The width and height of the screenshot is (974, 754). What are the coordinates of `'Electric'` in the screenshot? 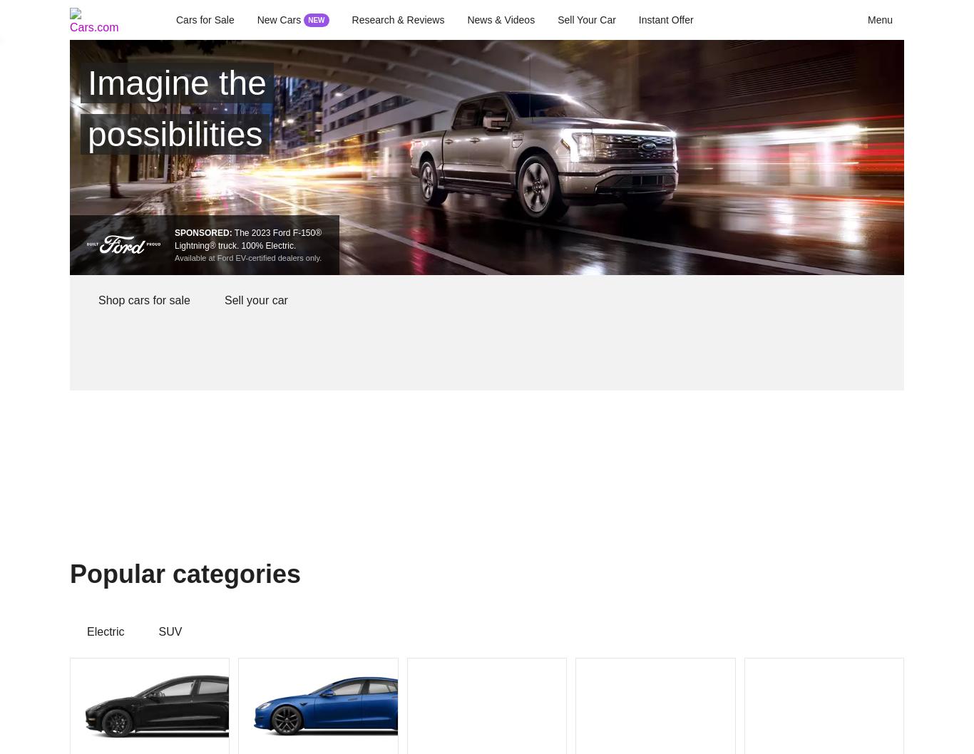 It's located at (104, 631).